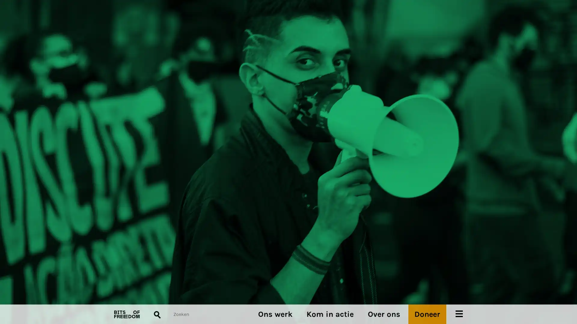  I want to click on Abonneren!, so click(125, 178).